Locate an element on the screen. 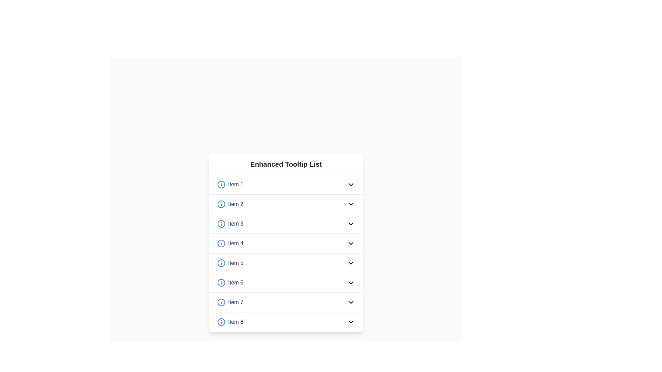 This screenshot has height=372, width=662. the text label representing 'Item 3' in the vertical list, situated between 'Item 2' and 'Item 4' is located at coordinates (230, 224).